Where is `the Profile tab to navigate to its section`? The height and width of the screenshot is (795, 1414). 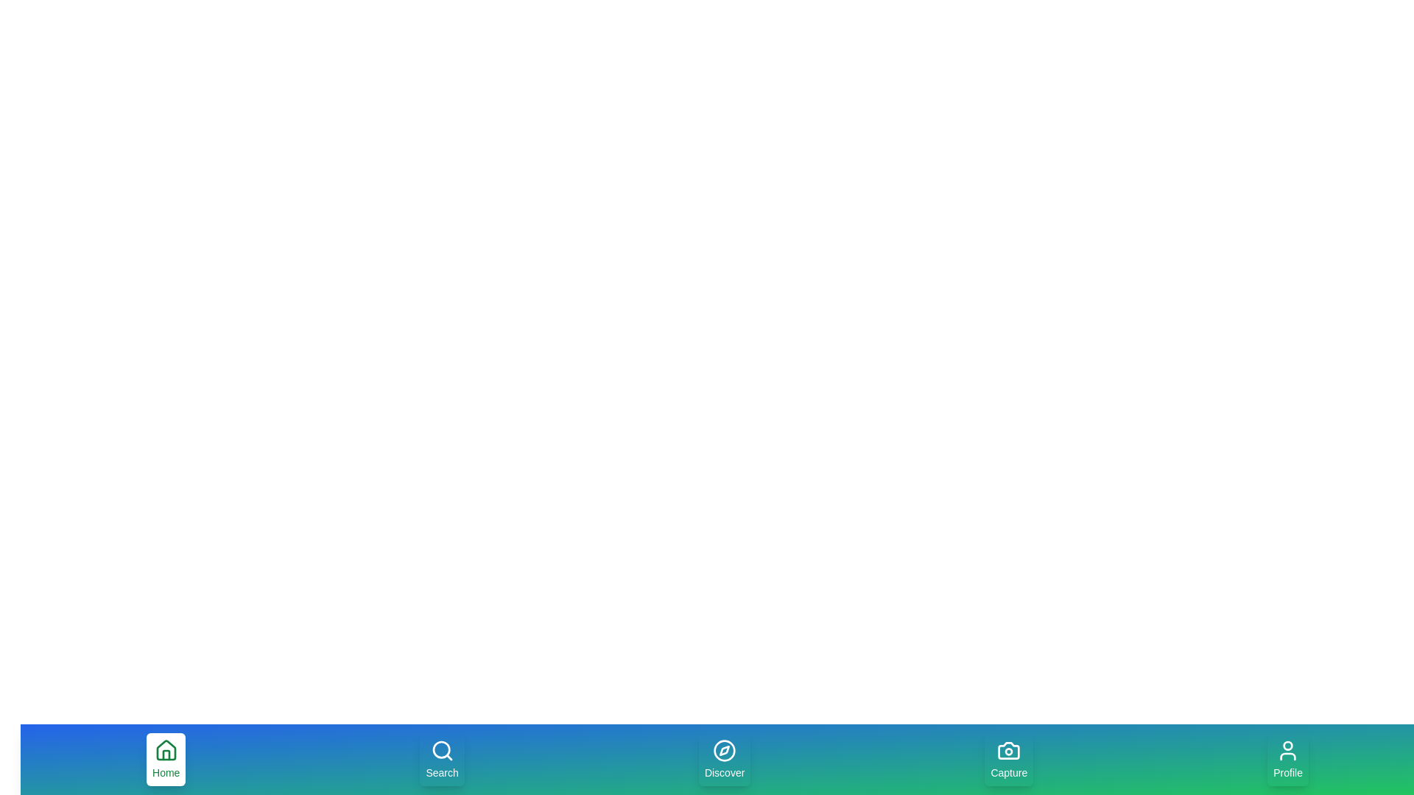 the Profile tab to navigate to its section is located at coordinates (1287, 760).